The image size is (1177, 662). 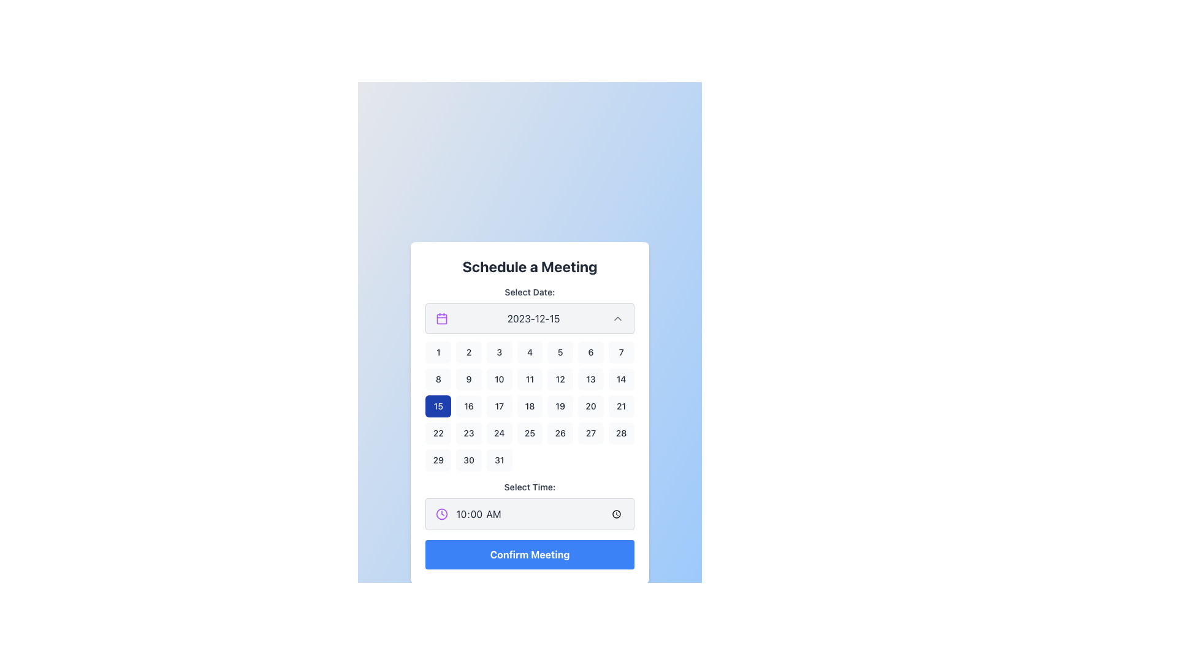 What do you see at coordinates (591, 406) in the screenshot?
I see `the square button with rounded corners displaying the number '20'` at bounding box center [591, 406].